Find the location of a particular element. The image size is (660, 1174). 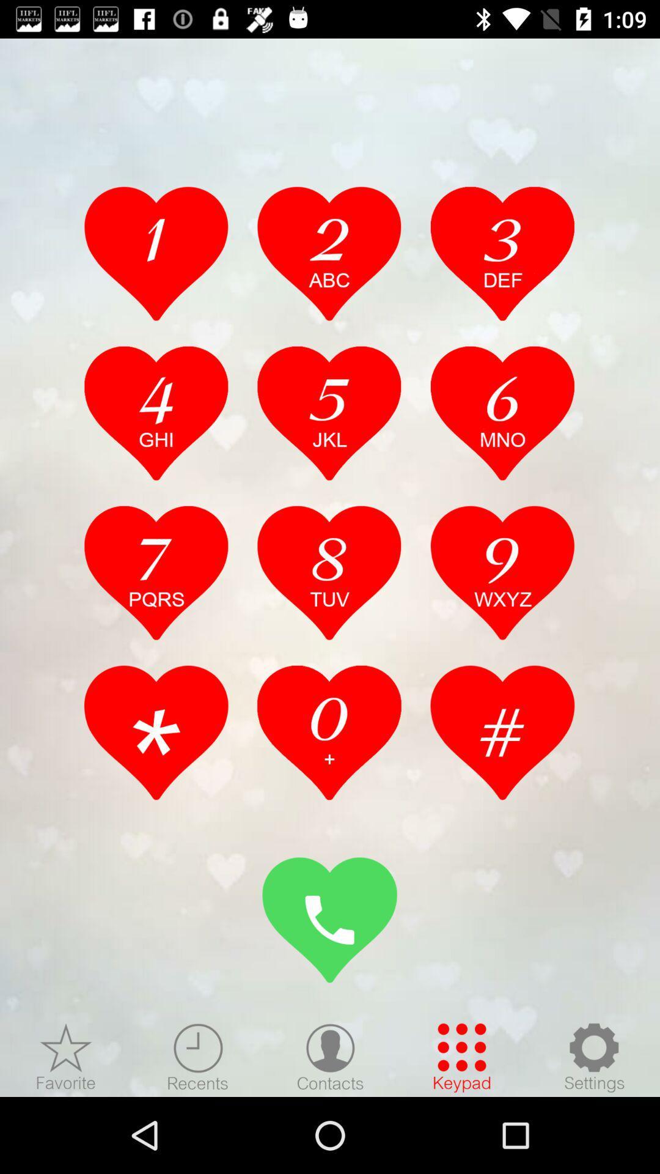

dial 6 is located at coordinates (502, 413).